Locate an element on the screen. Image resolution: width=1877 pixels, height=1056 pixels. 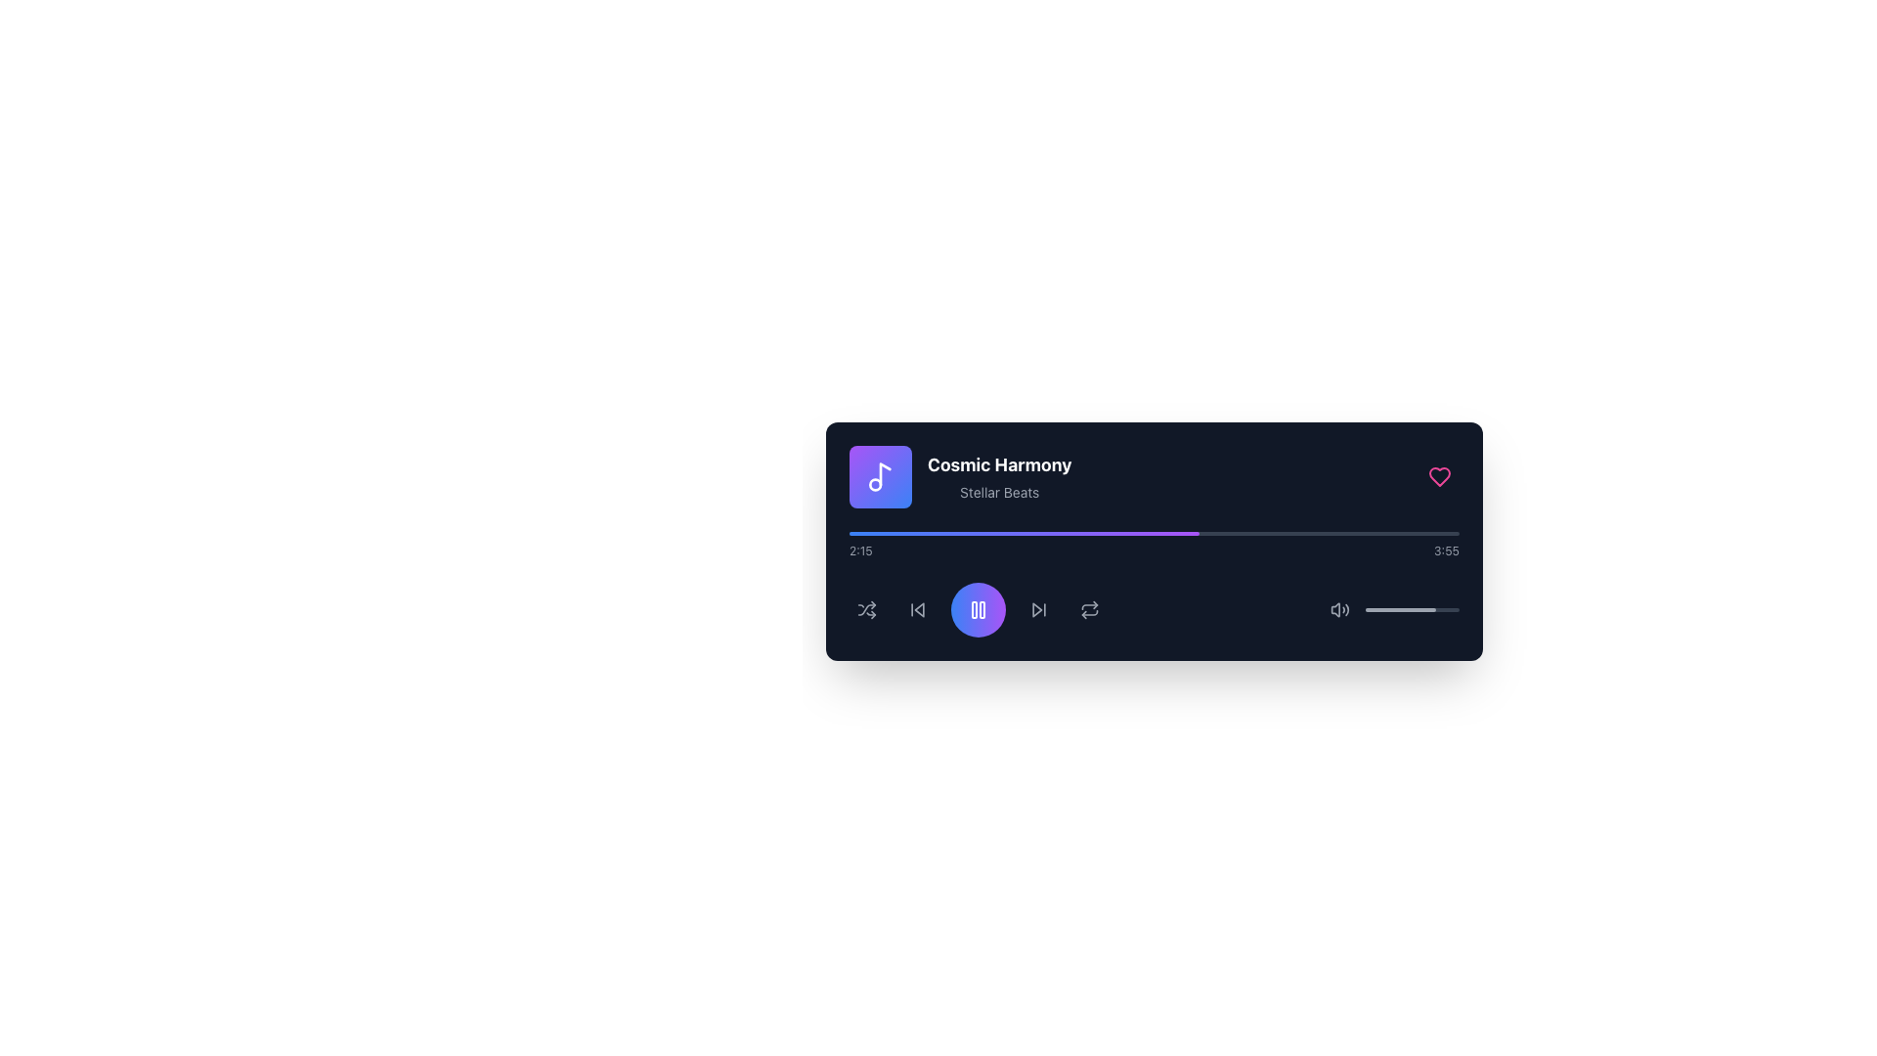
the Text label located beneath the primary song title 'Cosmic Harmony' in the media control interface is located at coordinates (999, 492).